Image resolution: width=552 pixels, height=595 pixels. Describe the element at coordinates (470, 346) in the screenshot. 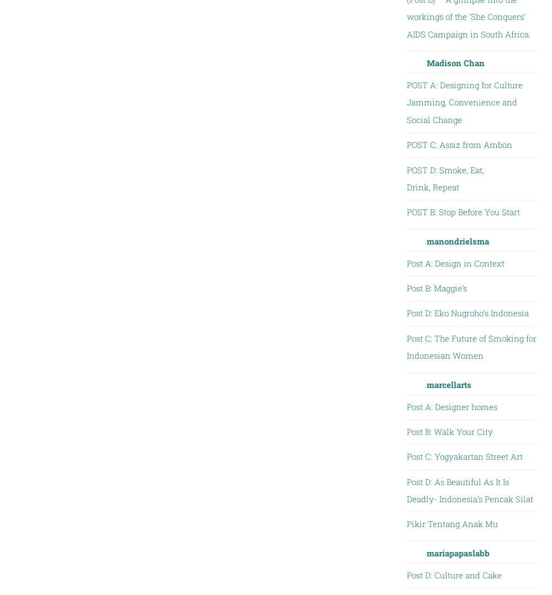

I see `'Post C: The Future of Smoking for Indonesian Women'` at that location.